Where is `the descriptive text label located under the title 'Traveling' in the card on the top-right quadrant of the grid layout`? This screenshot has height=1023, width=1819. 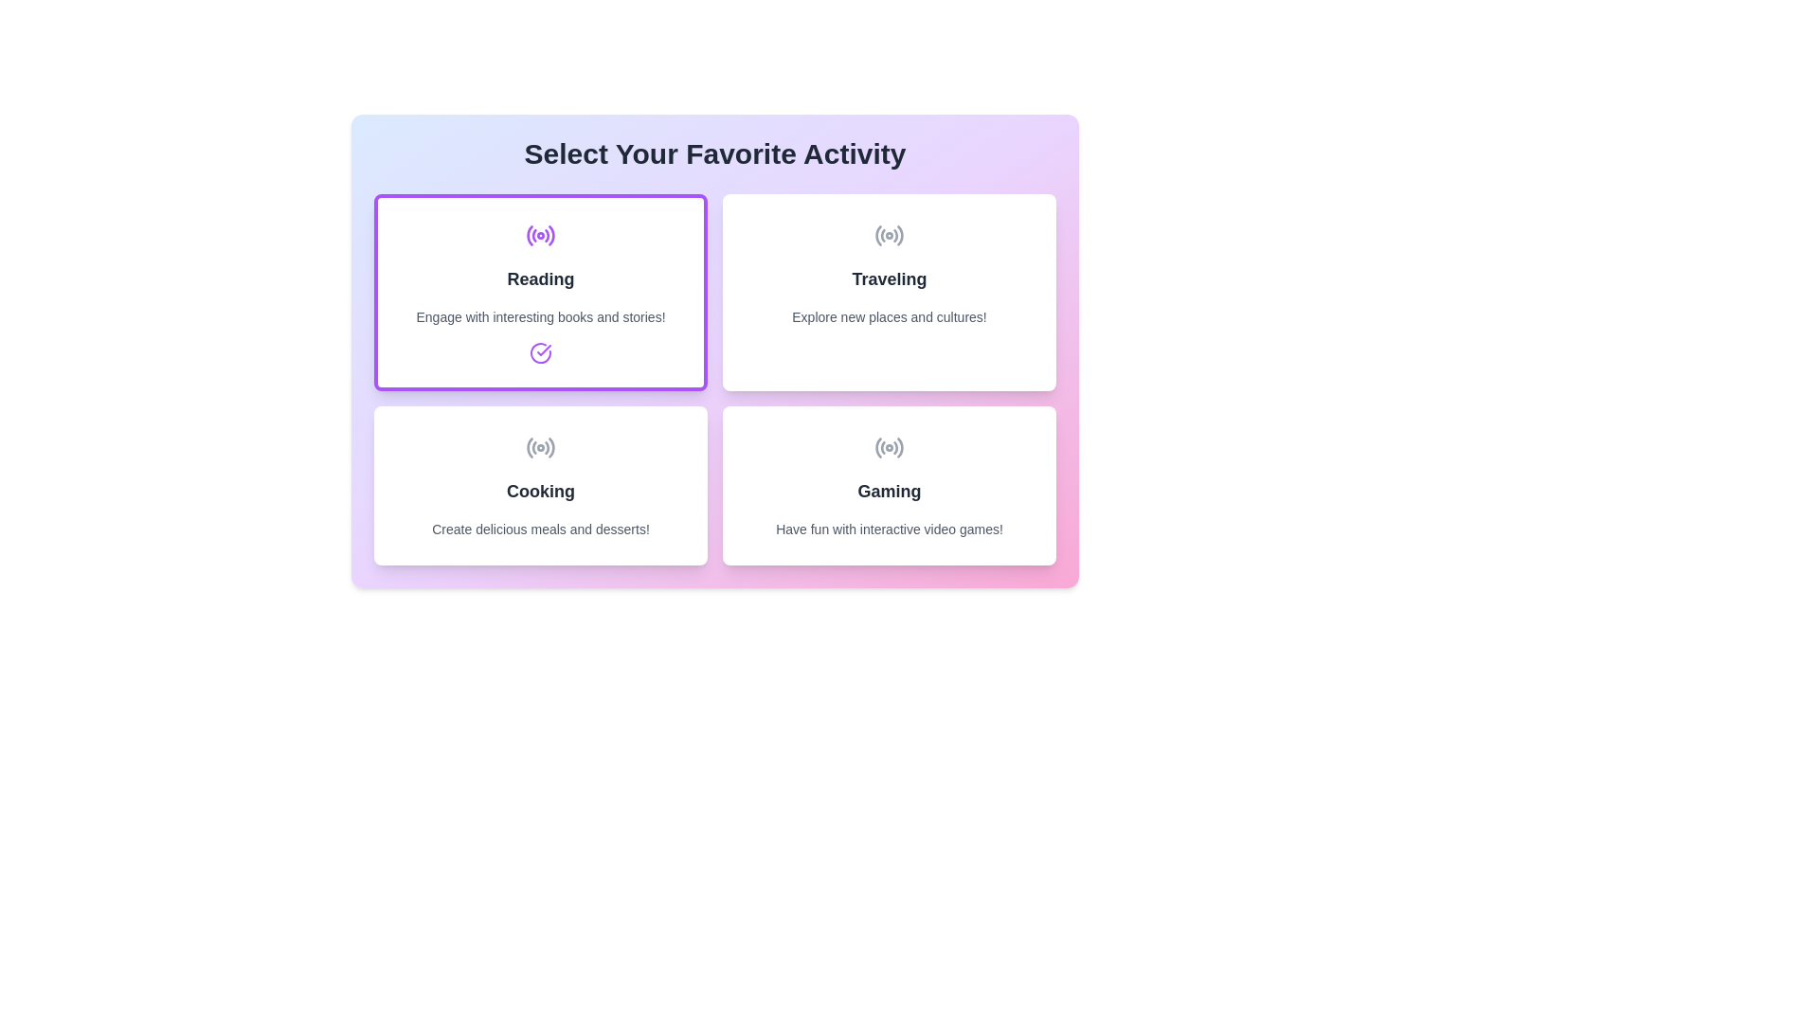
the descriptive text label located under the title 'Traveling' in the card on the top-right quadrant of the grid layout is located at coordinates (889, 316).